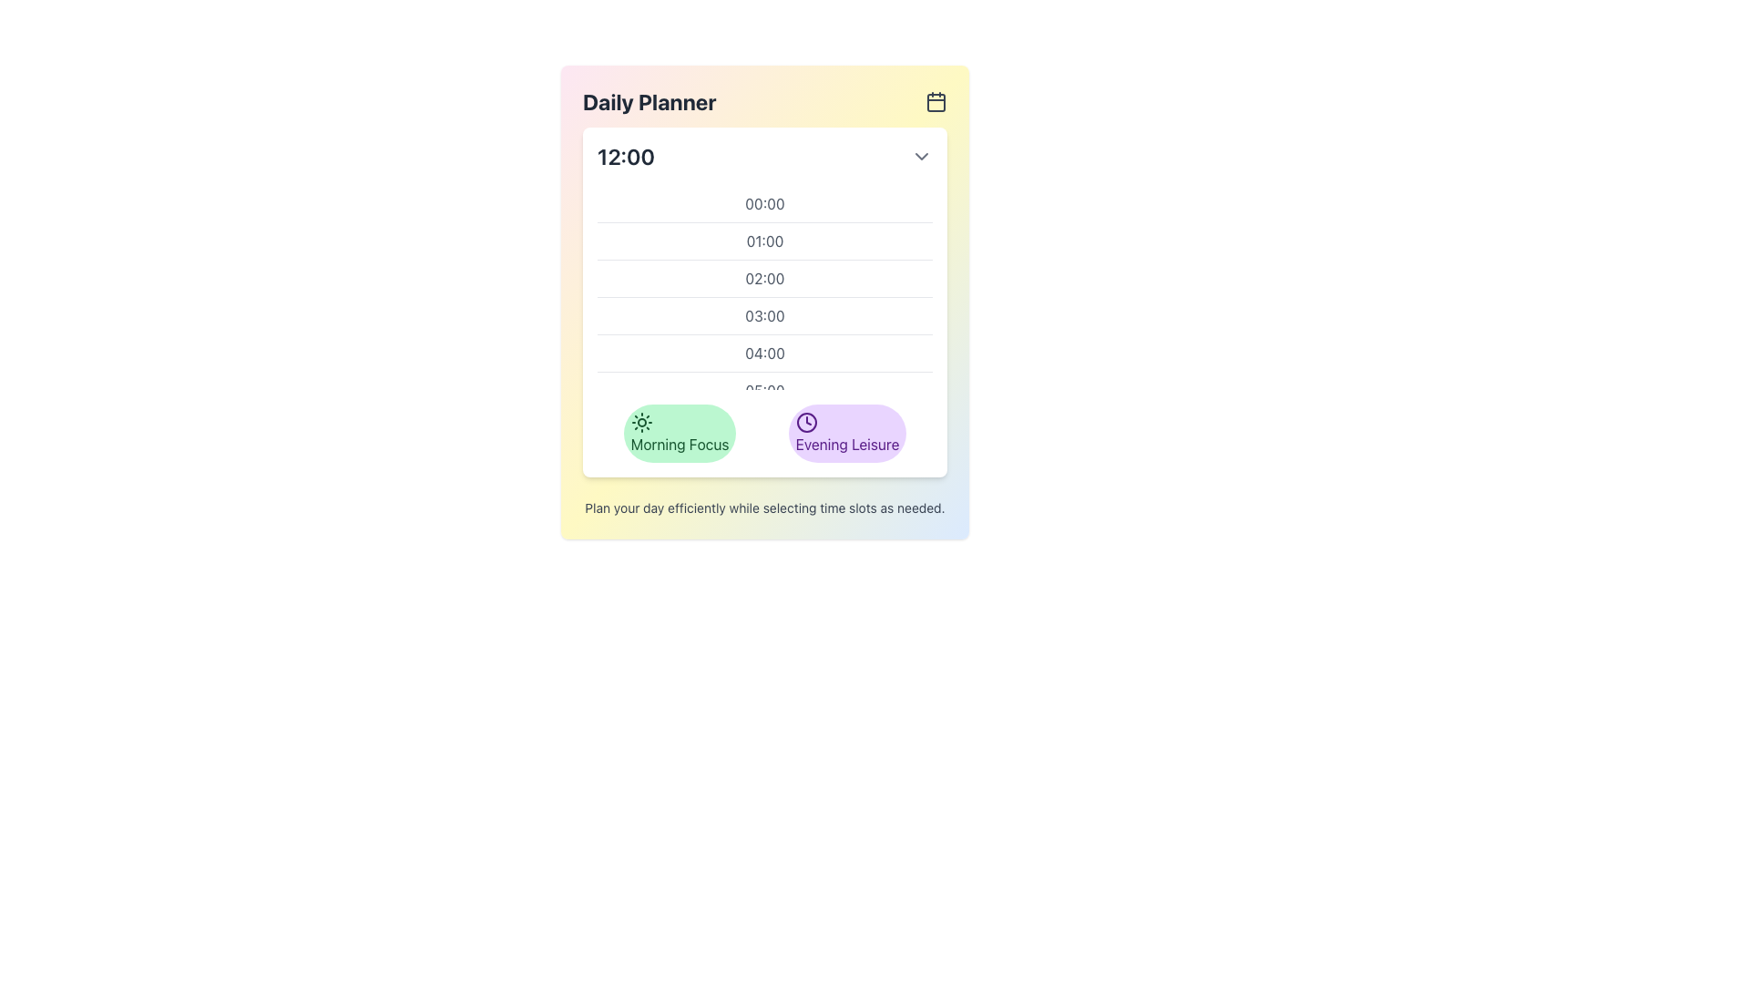 This screenshot has height=984, width=1749. I want to click on the Selector component for time slots in the Daily Planner interface, so click(765, 433).